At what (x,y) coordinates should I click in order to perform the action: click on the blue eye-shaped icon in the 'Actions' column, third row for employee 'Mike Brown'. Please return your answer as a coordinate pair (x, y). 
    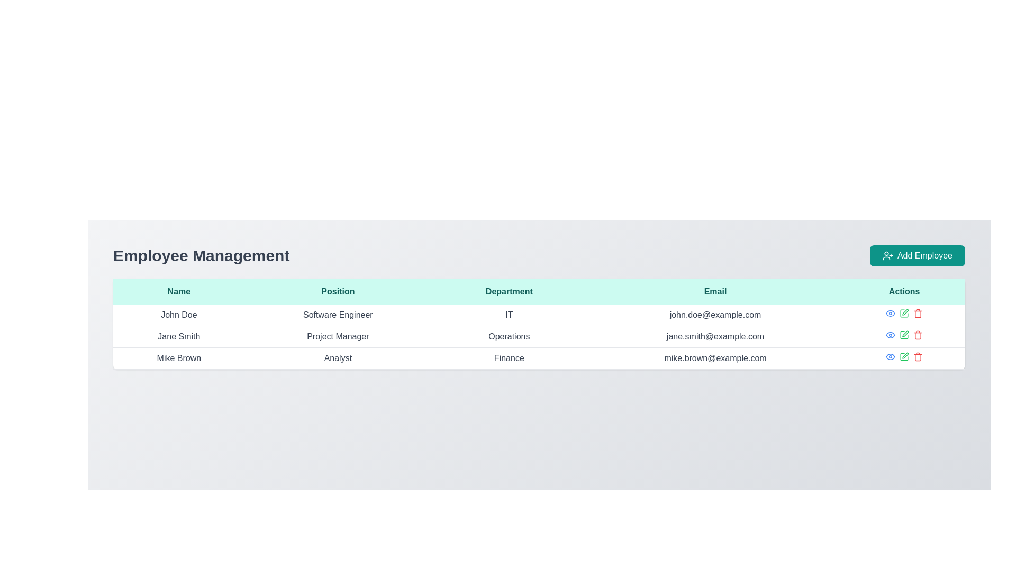
    Looking at the image, I should click on (890, 357).